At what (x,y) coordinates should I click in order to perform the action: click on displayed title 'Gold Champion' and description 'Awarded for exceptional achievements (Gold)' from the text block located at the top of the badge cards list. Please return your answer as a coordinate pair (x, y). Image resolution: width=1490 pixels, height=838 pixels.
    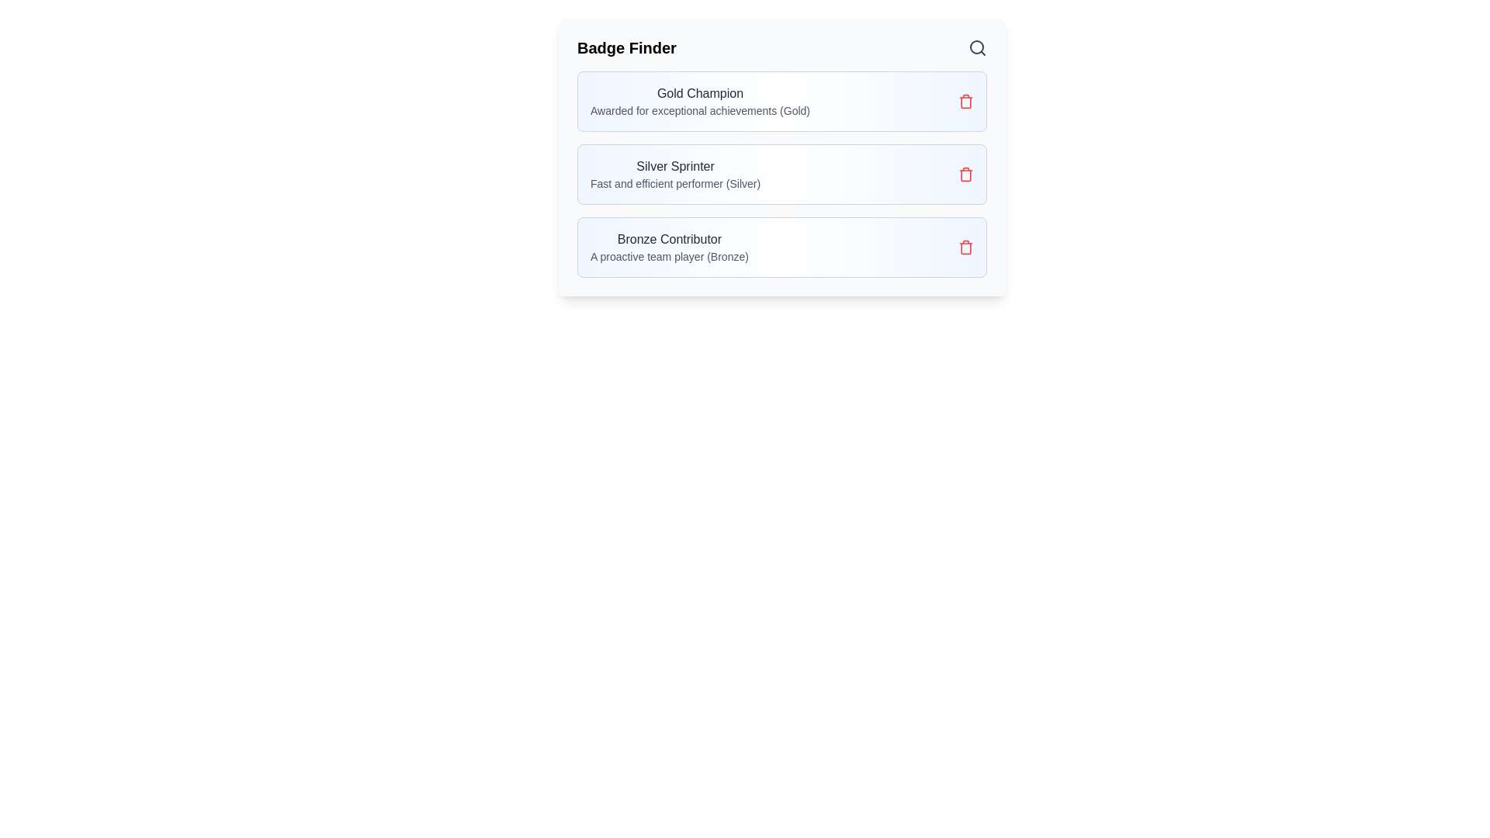
    Looking at the image, I should click on (699, 102).